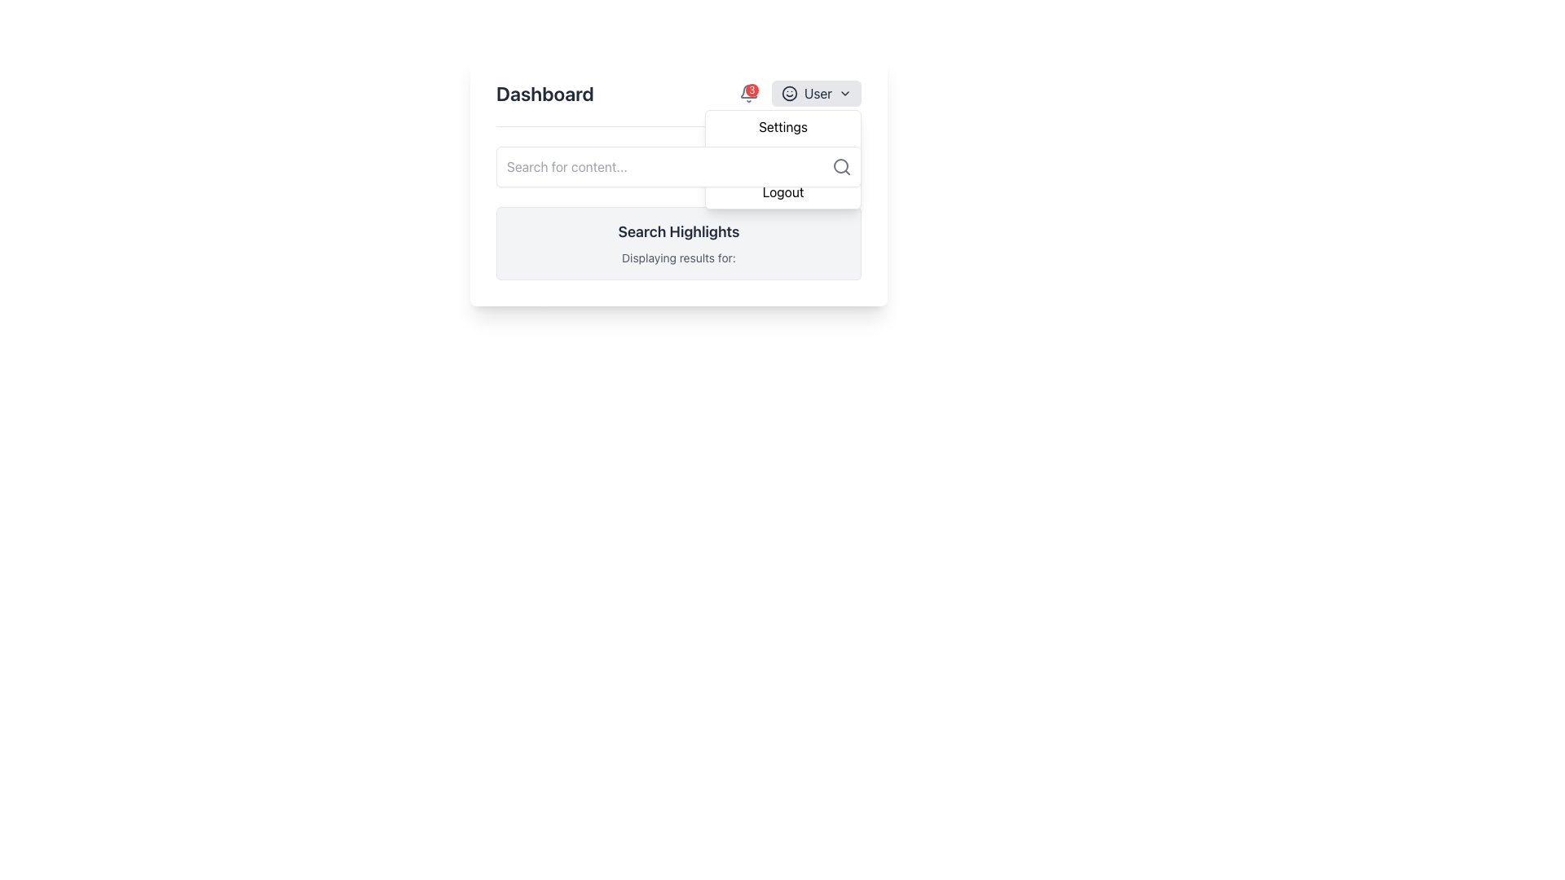  What do you see at coordinates (679, 232) in the screenshot?
I see `the informational Text Label that serves as a heading or title, located at the upper section of a shaded box with rounded corners, just below the search input field` at bounding box center [679, 232].